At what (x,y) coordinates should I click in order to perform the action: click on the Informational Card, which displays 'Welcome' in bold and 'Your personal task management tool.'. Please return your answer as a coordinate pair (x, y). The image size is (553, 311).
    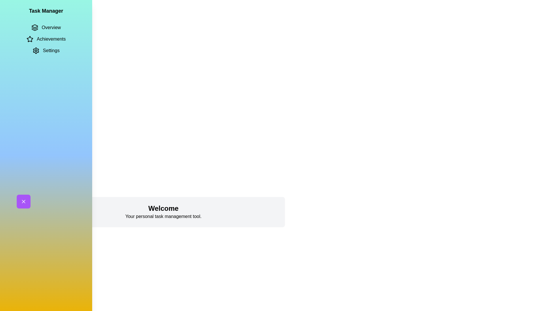
    Looking at the image, I should click on (163, 212).